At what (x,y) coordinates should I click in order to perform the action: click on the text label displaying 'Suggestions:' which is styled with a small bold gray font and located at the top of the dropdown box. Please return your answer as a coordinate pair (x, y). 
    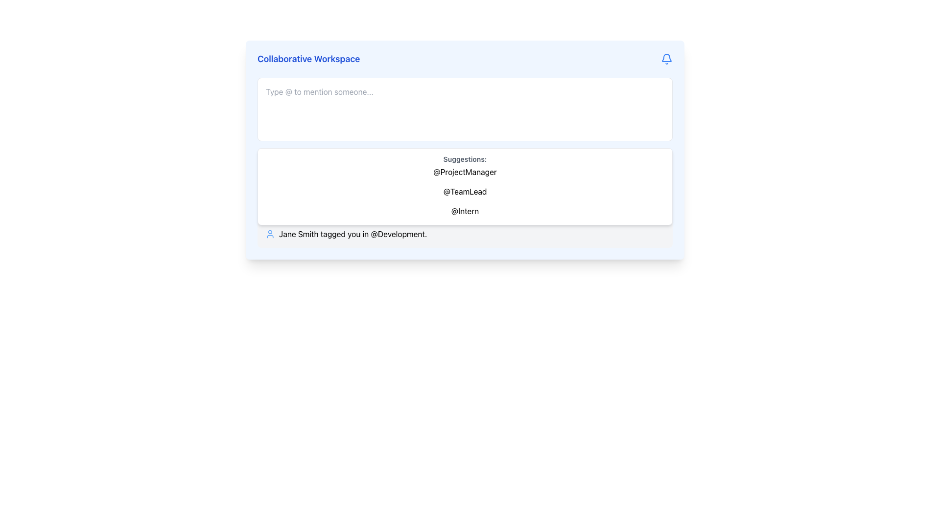
    Looking at the image, I should click on (465, 159).